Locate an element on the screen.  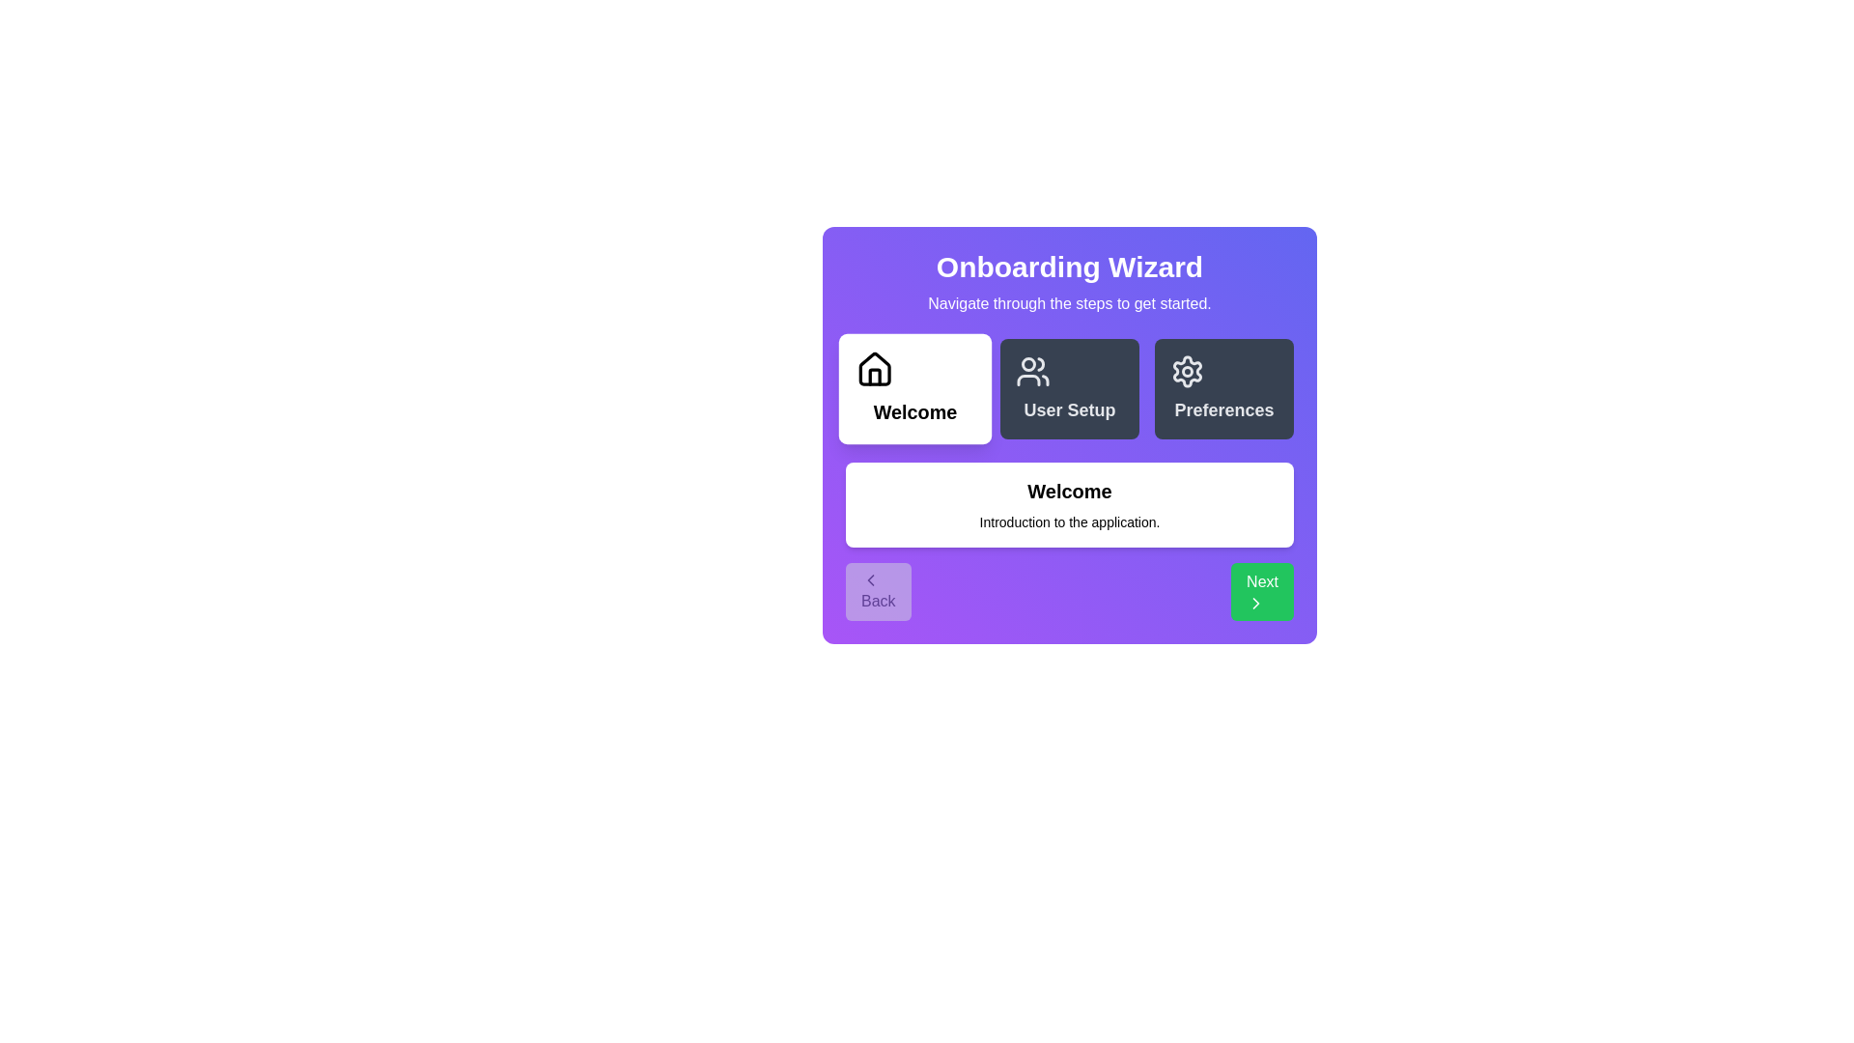
the step icon corresponding to Preferences to view its content is located at coordinates (1222, 388).